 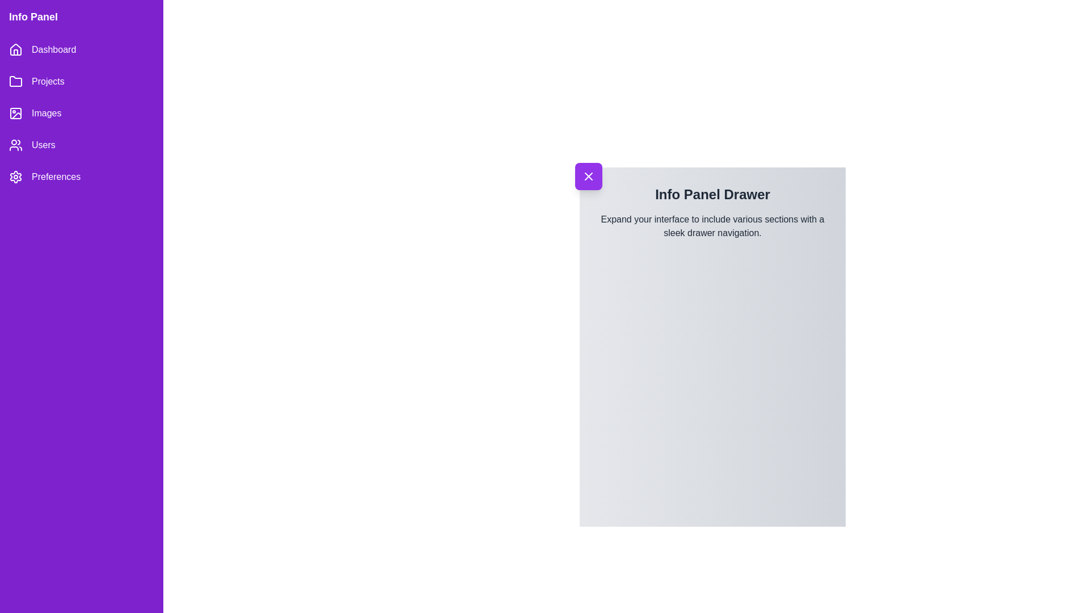 I want to click on the menu item Images to observe its hover effect, so click(x=81, y=114).